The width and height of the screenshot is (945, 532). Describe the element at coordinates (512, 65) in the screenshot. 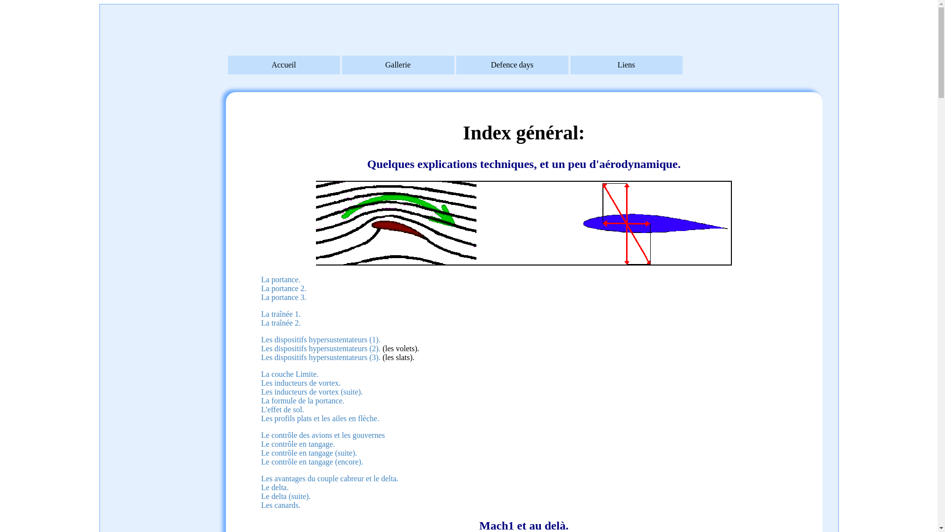

I see `'Defence days'` at that location.